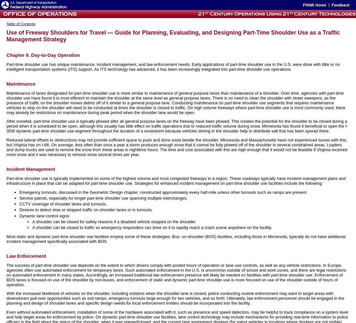  Describe the element at coordinates (6, 55) in the screenshot. I see `'Chapter 9. Day-to-Day Operation'` at that location.